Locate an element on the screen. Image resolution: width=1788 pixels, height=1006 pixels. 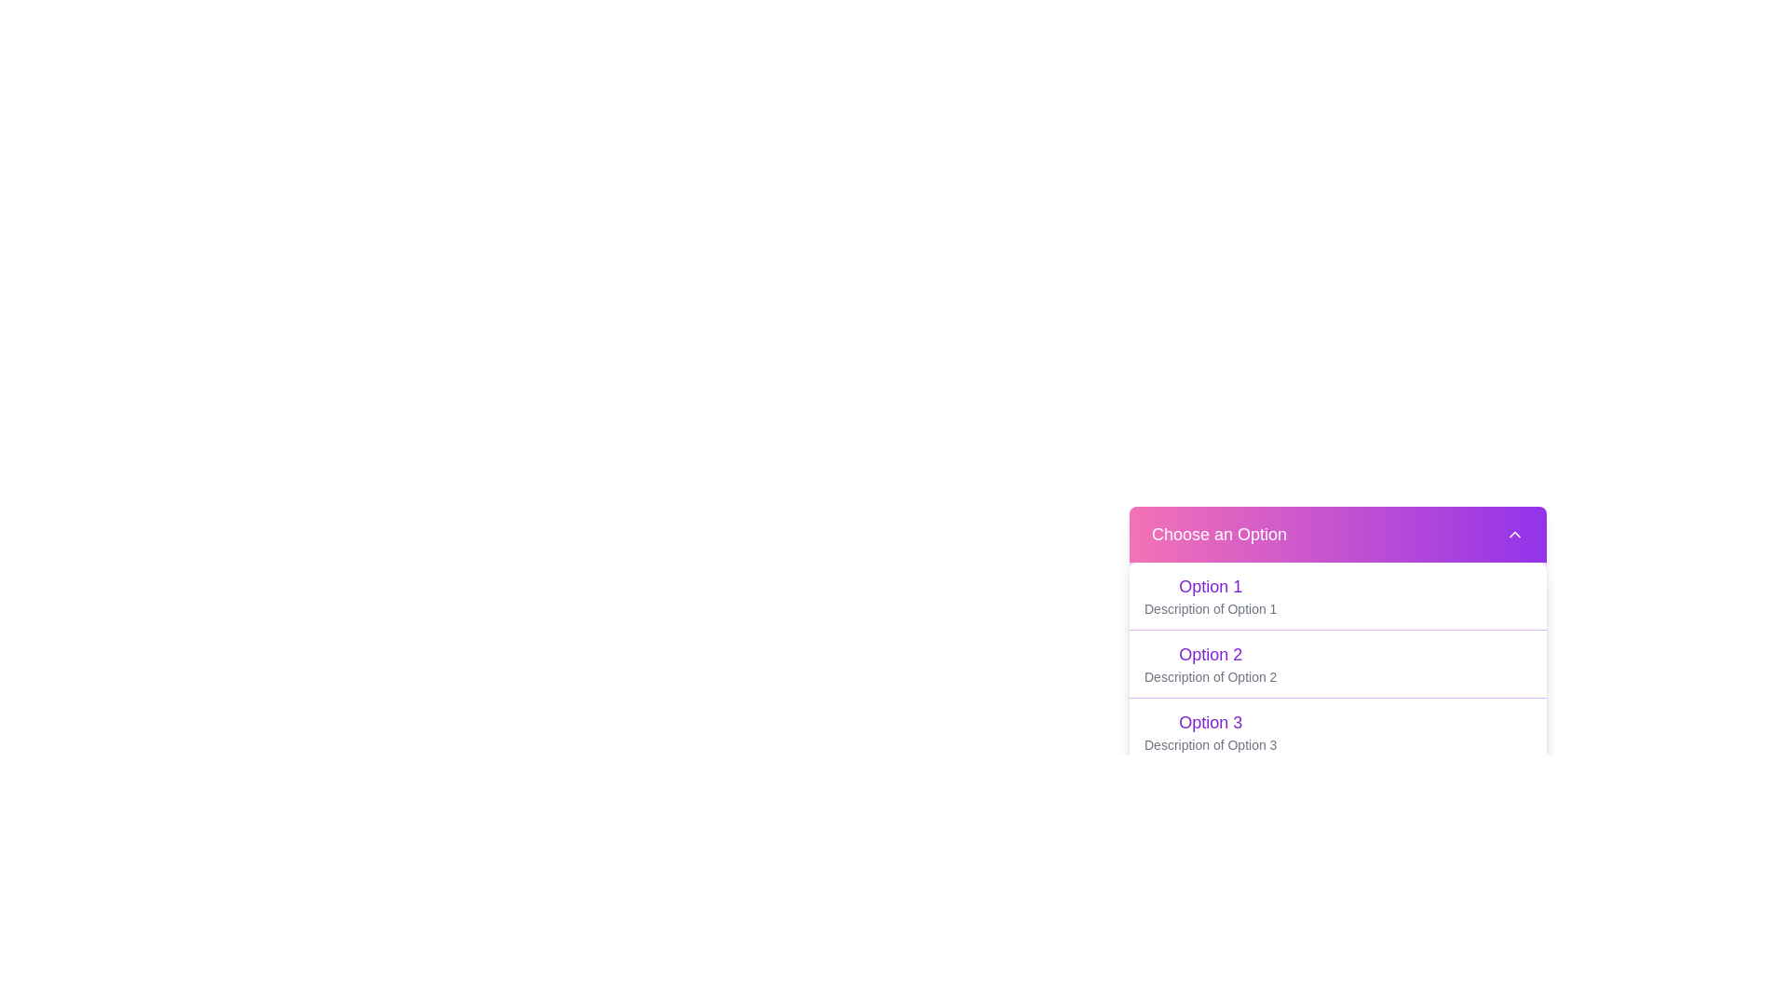
displayed information from the 'Option 2' label, which consists of a purple-bold 'Option 2' and a smaller gray 'Description of Option 2', located in the center of the selectable dropdown interface is located at coordinates (1211, 663).